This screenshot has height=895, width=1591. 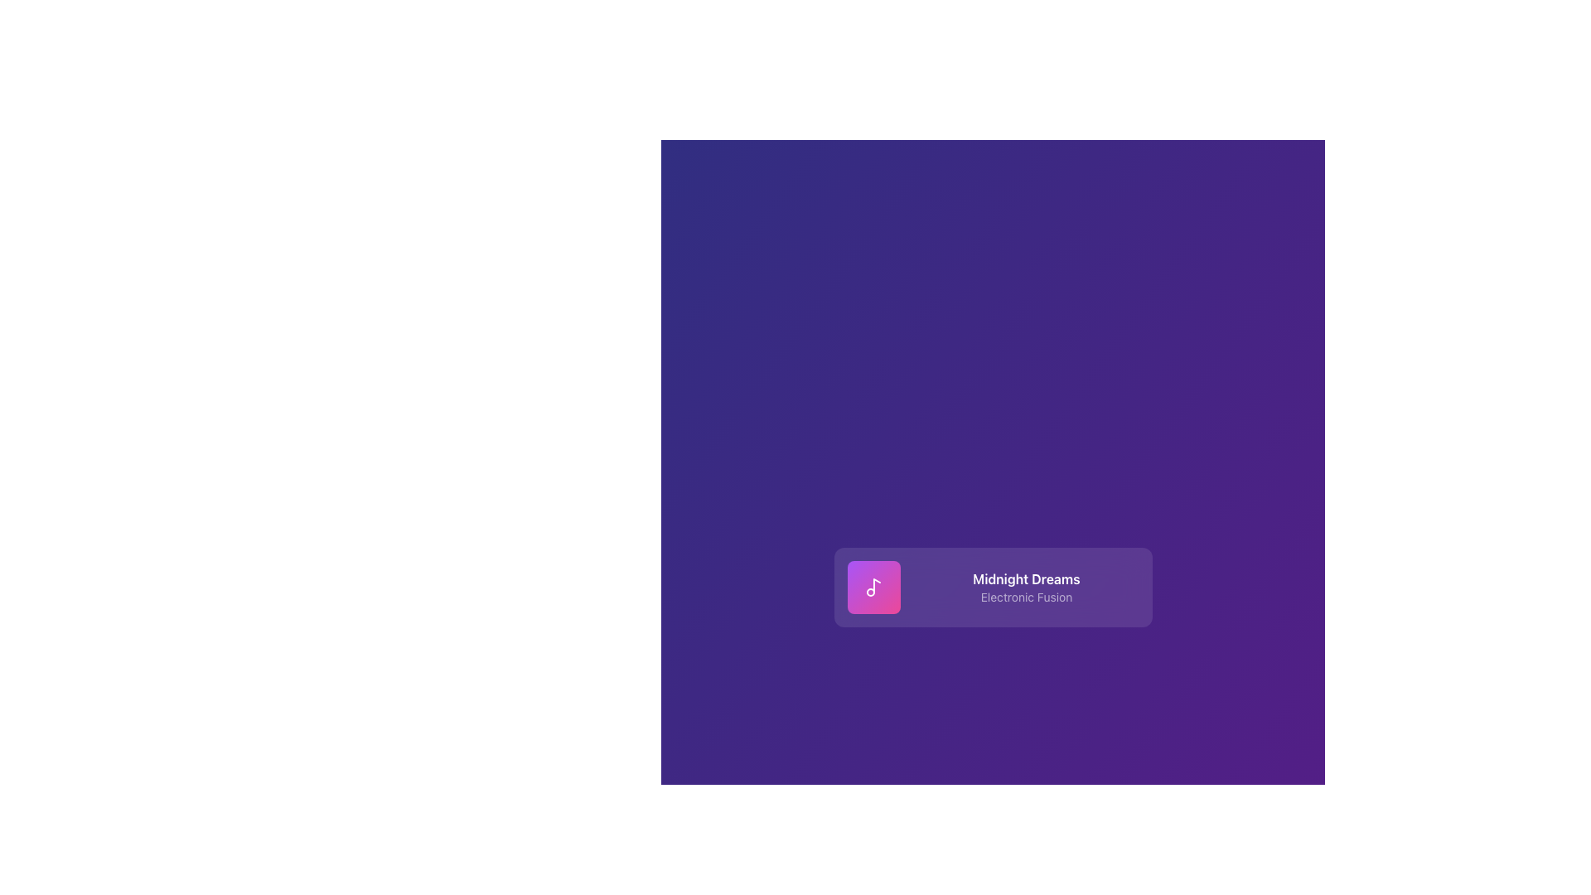 I want to click on the text label displaying 'Electronic Fusion', which is positioned beneath 'Midnight Dreams' in a rounded rectangular card interface, so click(x=1025, y=597).